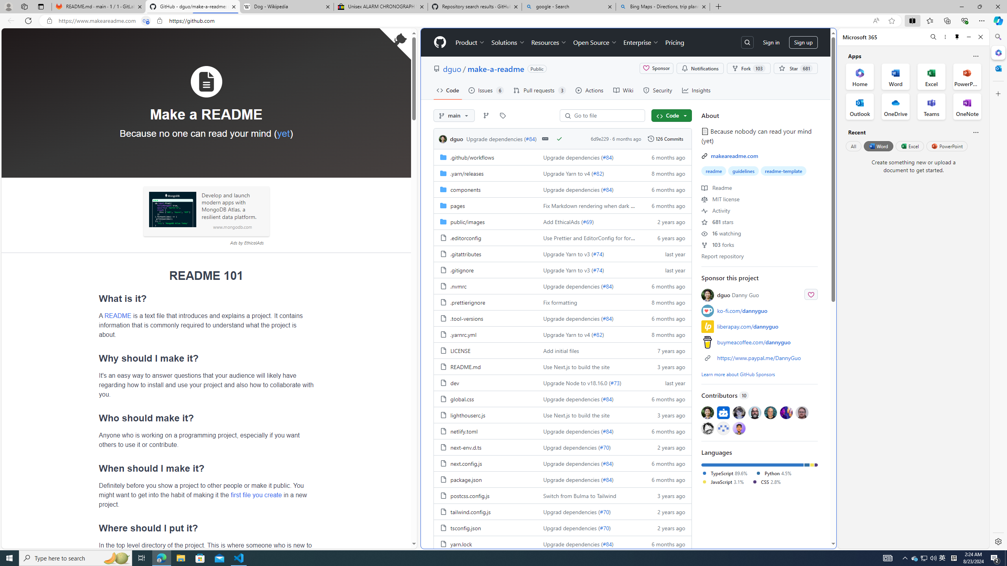 Image resolution: width=1007 pixels, height=566 pixels. Describe the element at coordinates (559, 138) in the screenshot. I see `'success'` at that location.